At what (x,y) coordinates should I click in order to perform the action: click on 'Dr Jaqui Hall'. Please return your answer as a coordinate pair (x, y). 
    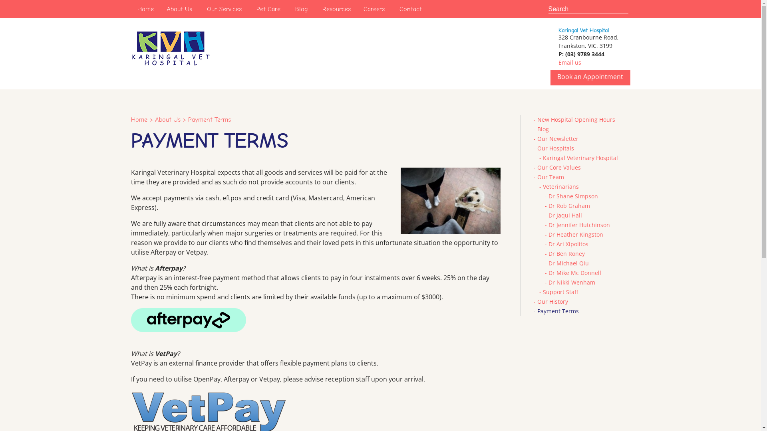
    Looking at the image, I should click on (564, 215).